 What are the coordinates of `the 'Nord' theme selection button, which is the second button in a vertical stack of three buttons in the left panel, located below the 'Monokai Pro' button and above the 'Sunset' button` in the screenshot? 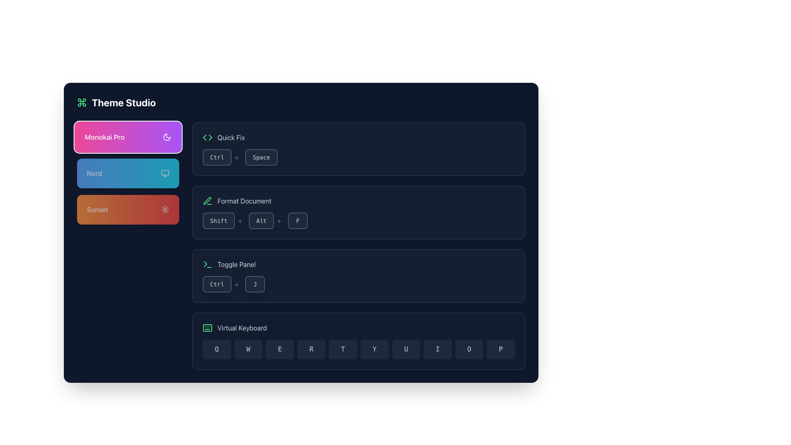 It's located at (128, 173).